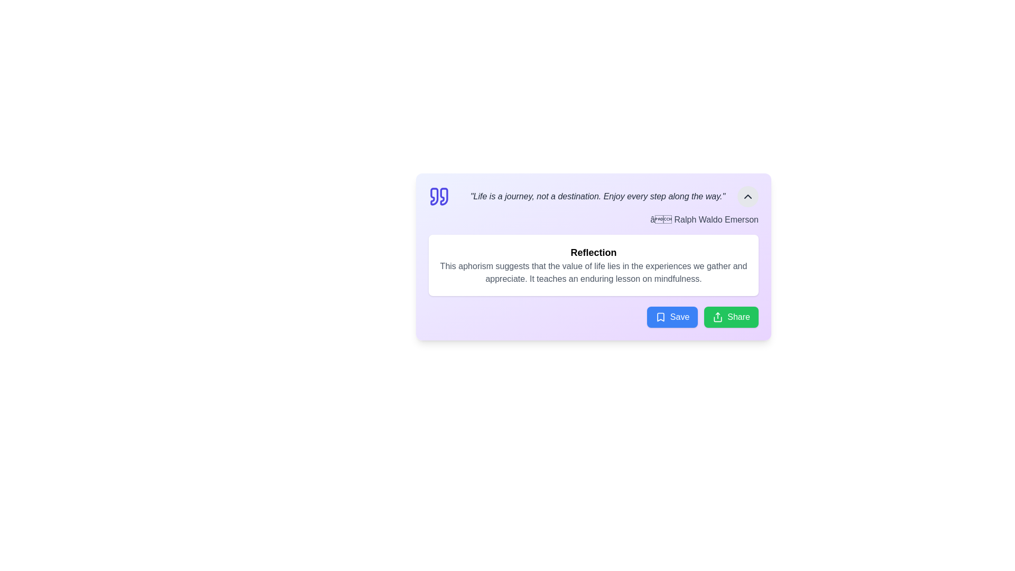 This screenshot has width=1015, height=571. Describe the element at coordinates (748, 196) in the screenshot. I see `the toggle Icon Button located in the top-right corner of the card-like section` at that location.